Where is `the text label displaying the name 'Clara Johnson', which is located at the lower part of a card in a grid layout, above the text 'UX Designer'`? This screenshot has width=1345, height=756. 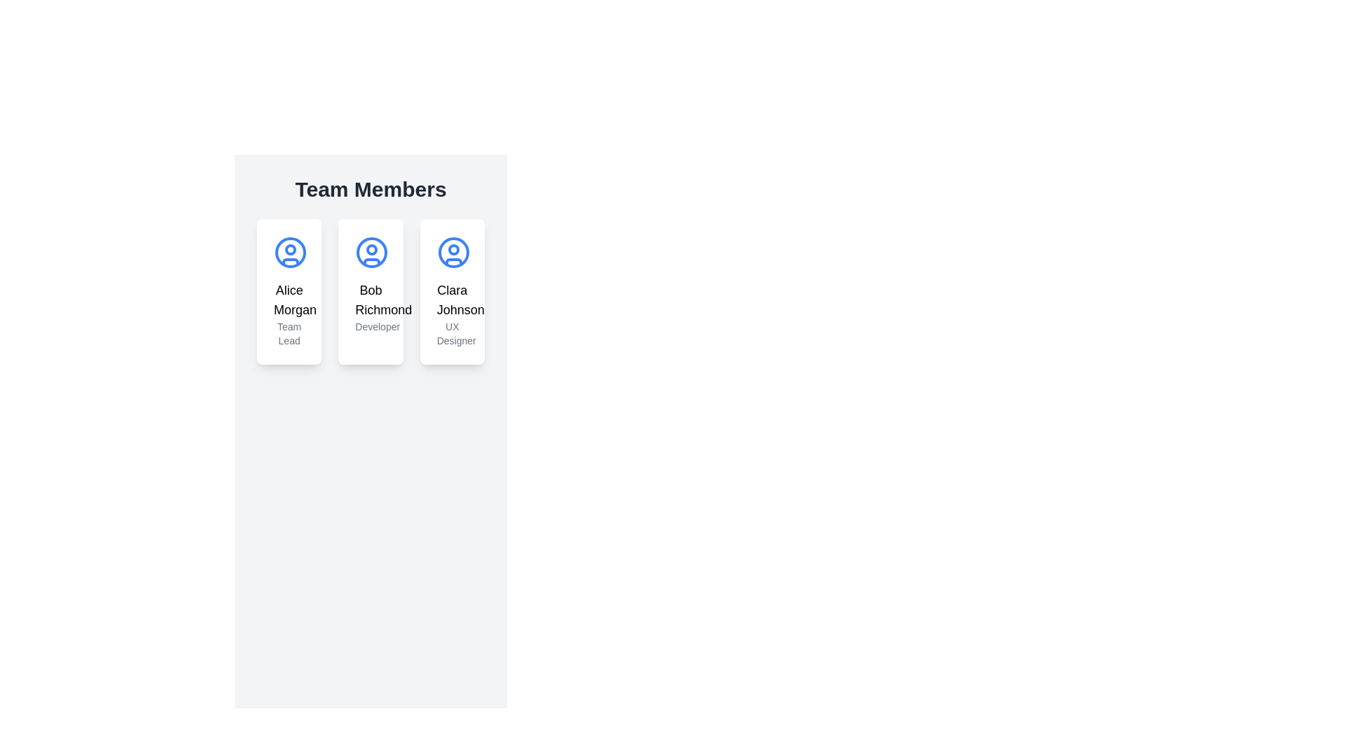 the text label displaying the name 'Clara Johnson', which is located at the lower part of a card in a grid layout, above the text 'UX Designer' is located at coordinates (452, 299).